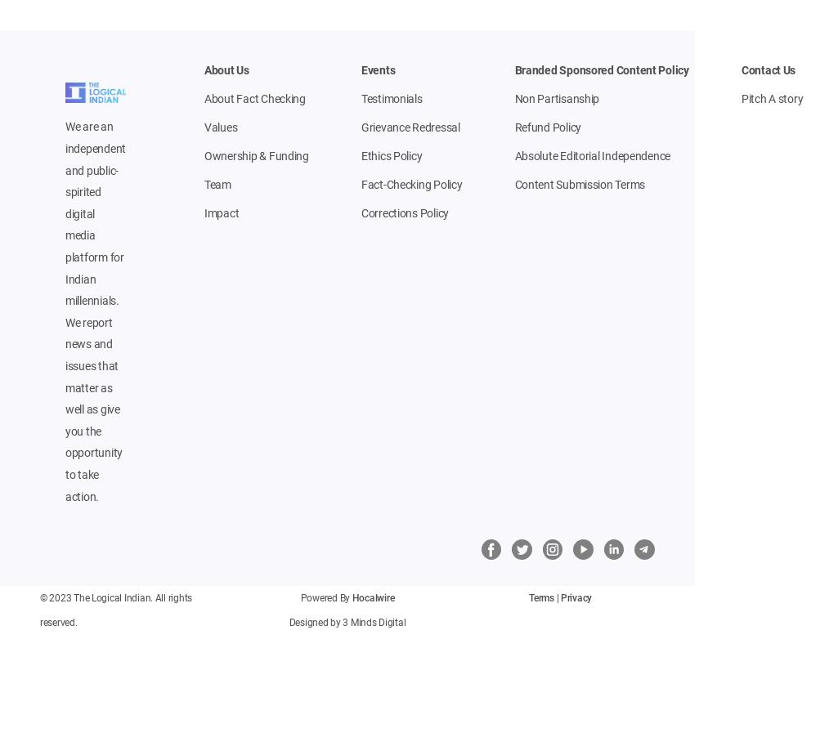 This screenshot has width=829, height=742. What do you see at coordinates (360, 156) in the screenshot?
I see `'Ethics Policy'` at bounding box center [360, 156].